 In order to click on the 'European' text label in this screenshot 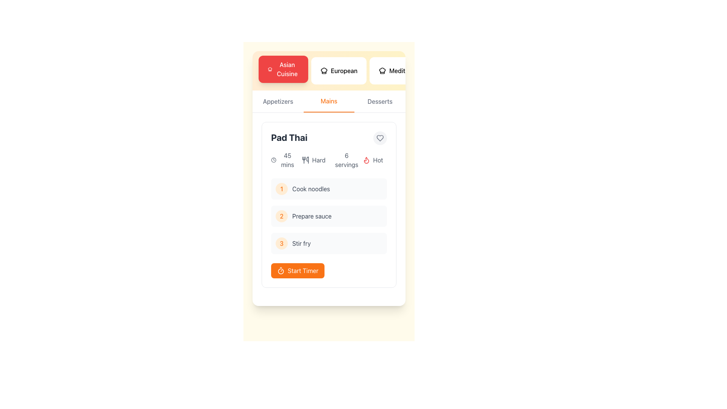, I will do `click(343, 70)`.